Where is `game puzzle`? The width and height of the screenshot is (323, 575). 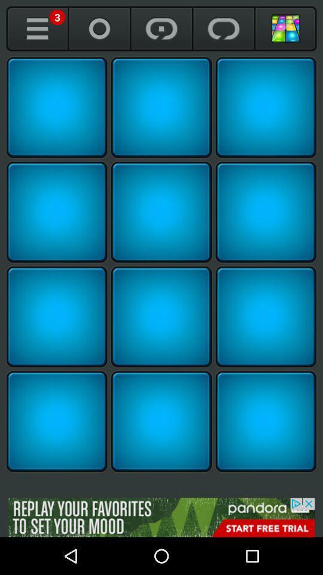 game puzzle is located at coordinates (56, 212).